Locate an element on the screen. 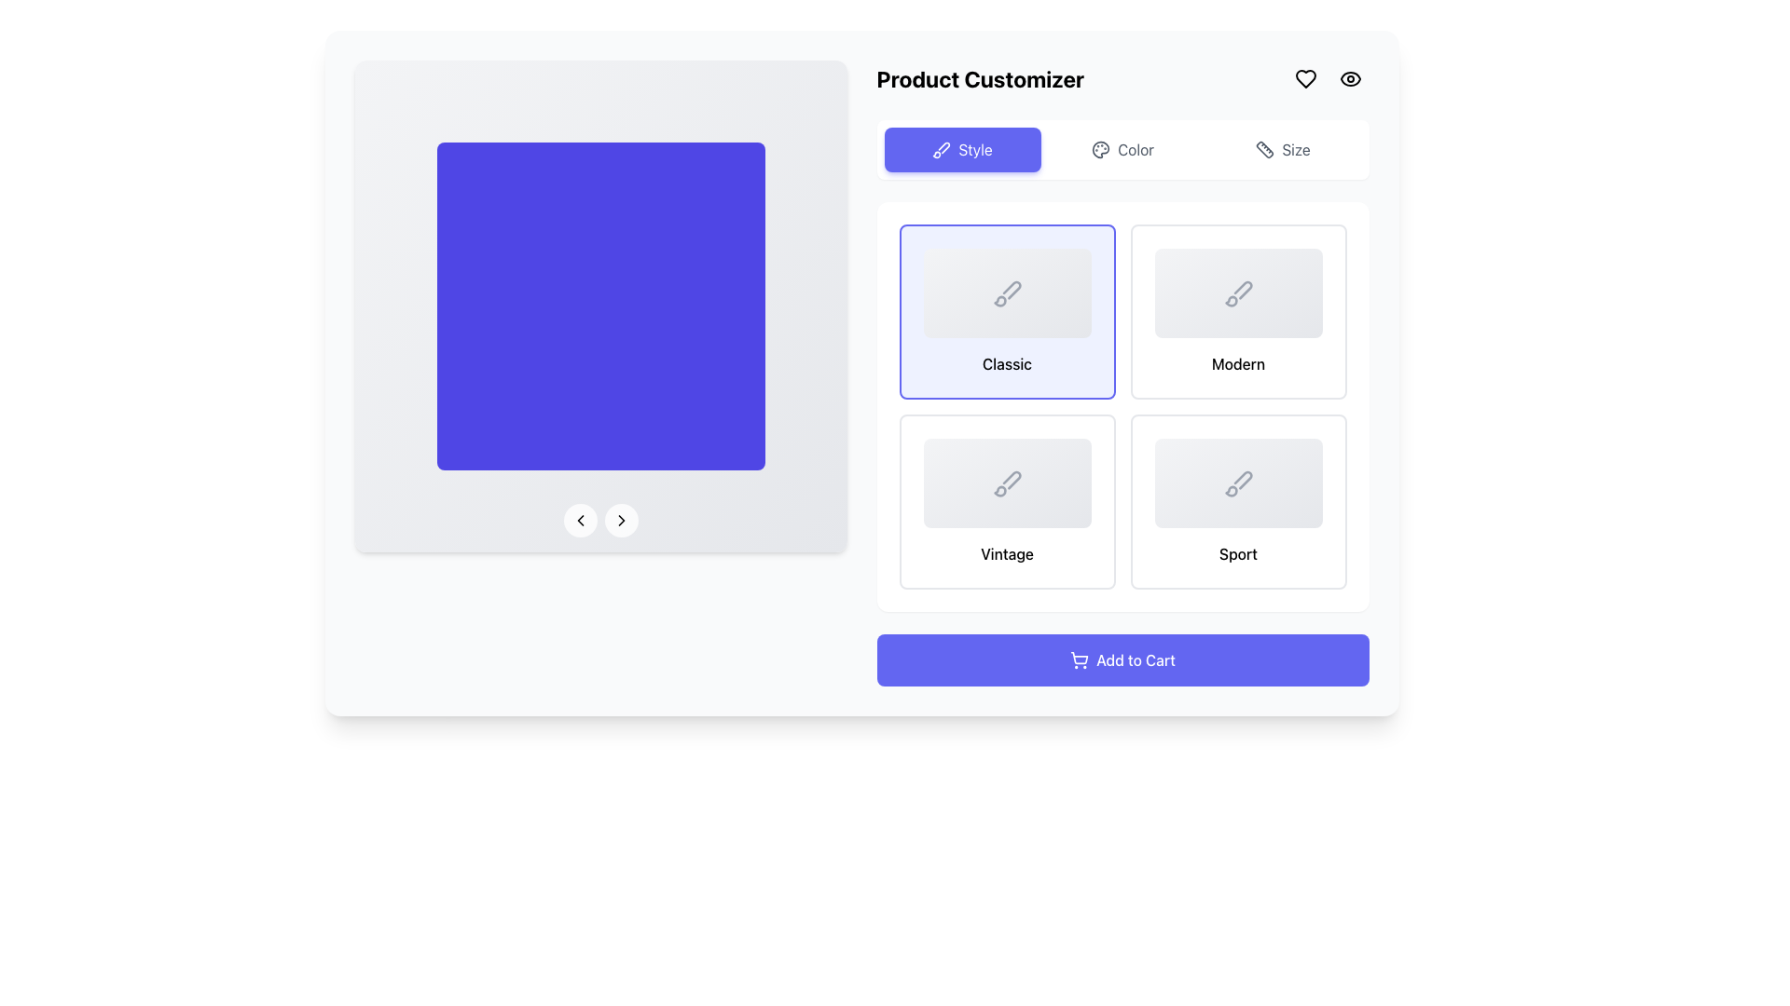  the 'Size' label located in the upper-right corner of the interface, positioned between the 'Color' option and a ruler icon is located at coordinates (1295, 149).